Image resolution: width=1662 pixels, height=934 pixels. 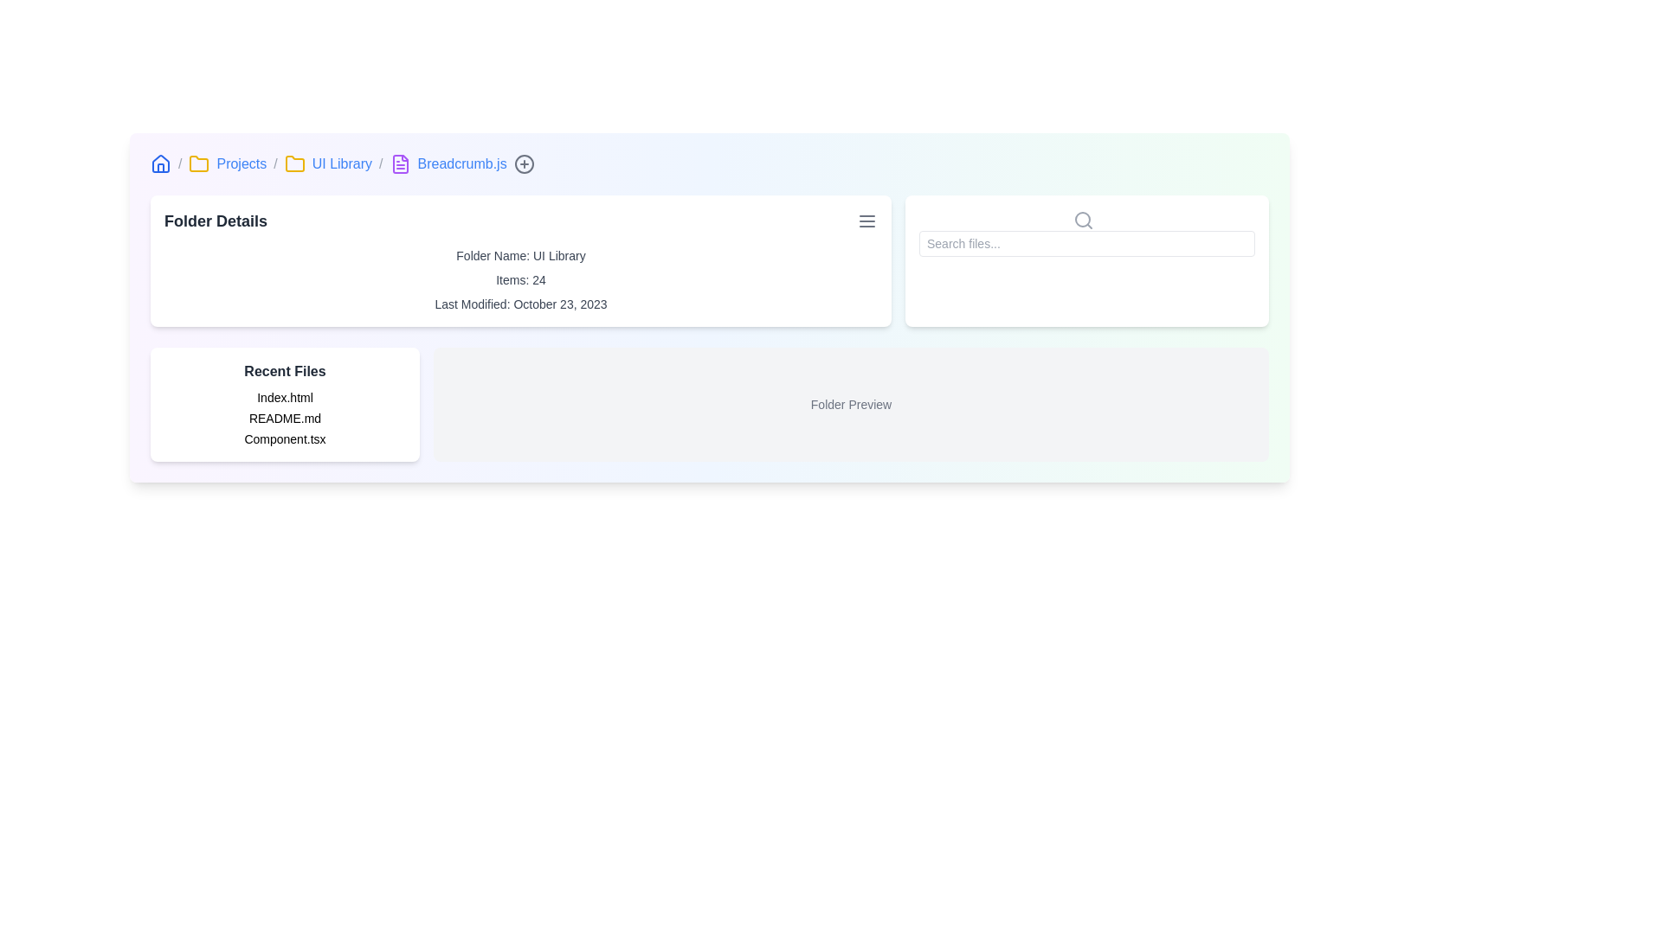 I want to click on the folder icon in the breadcrumb navigation system that represents the 'Projects' directory, which is positioned fourth from the left, to scale it up slightly, so click(x=294, y=163).